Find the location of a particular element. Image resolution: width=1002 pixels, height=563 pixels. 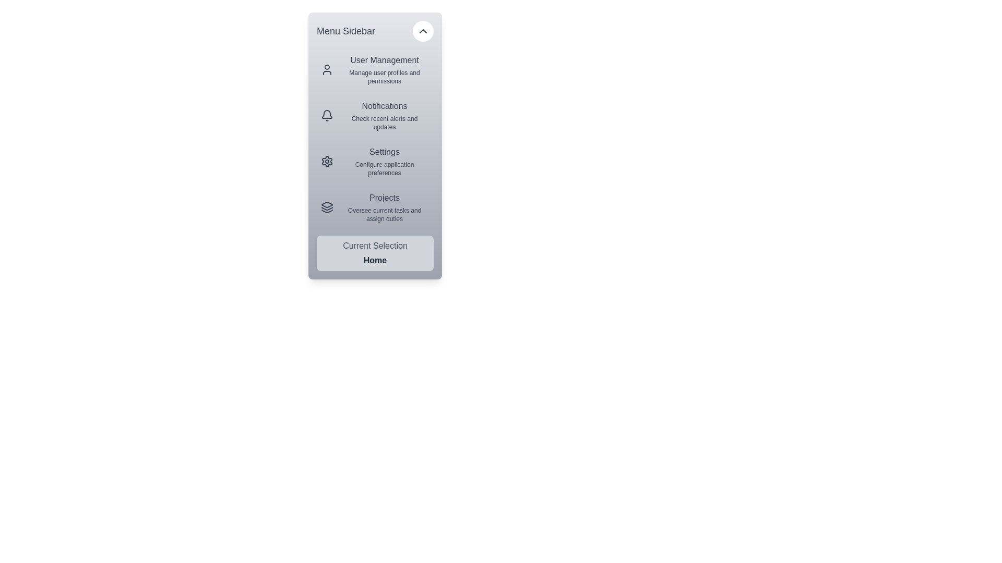

the notifications button located on the vertical sidebar, which is the second element from the top is located at coordinates (384, 116).